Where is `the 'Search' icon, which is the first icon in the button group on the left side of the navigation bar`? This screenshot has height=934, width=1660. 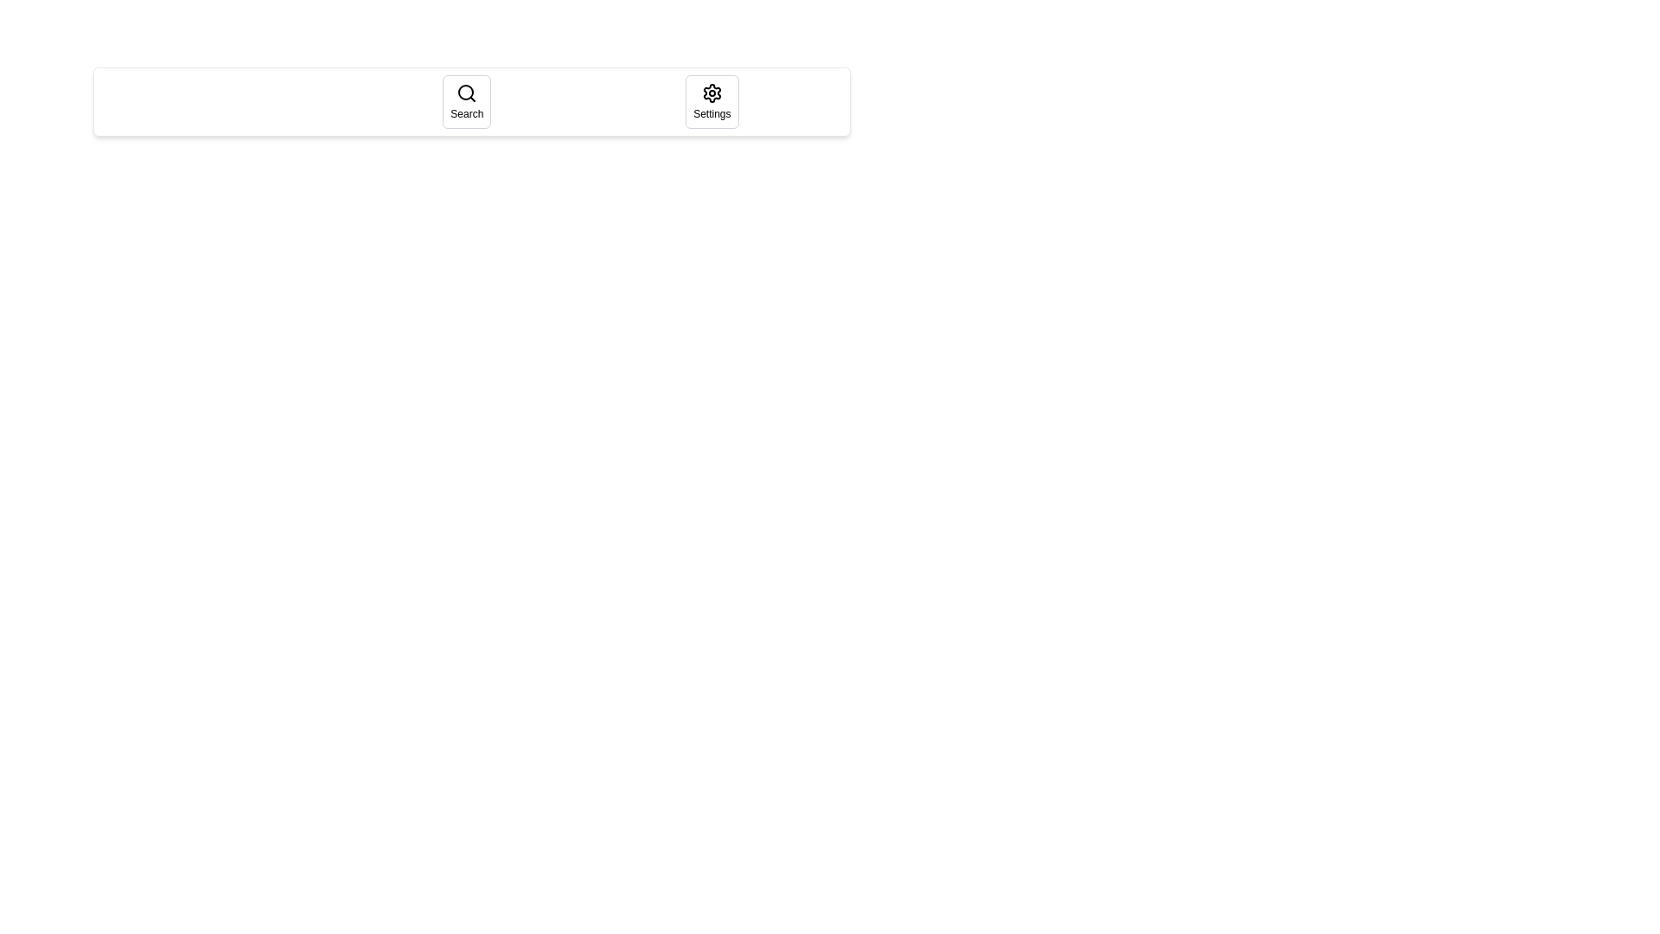 the 'Search' icon, which is the first icon in the button group on the left side of the navigation bar is located at coordinates (467, 93).